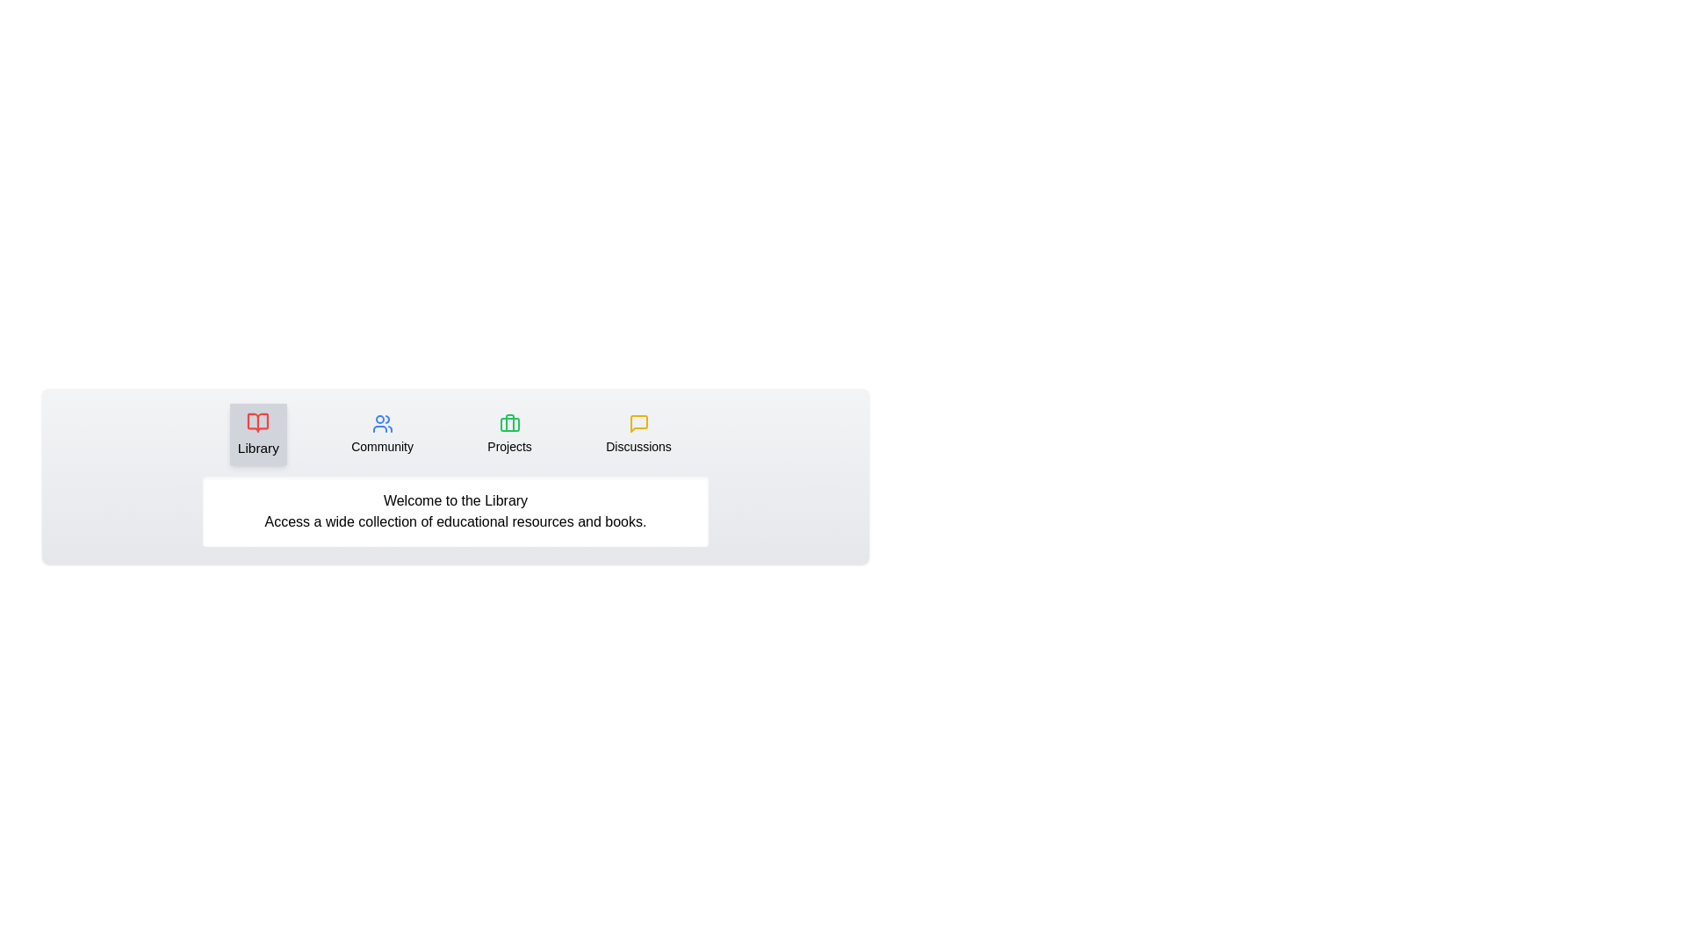  What do you see at coordinates (257, 434) in the screenshot?
I see `the 'Library' button, which features a red open book icon and is positioned in the top-left section of the interface` at bounding box center [257, 434].